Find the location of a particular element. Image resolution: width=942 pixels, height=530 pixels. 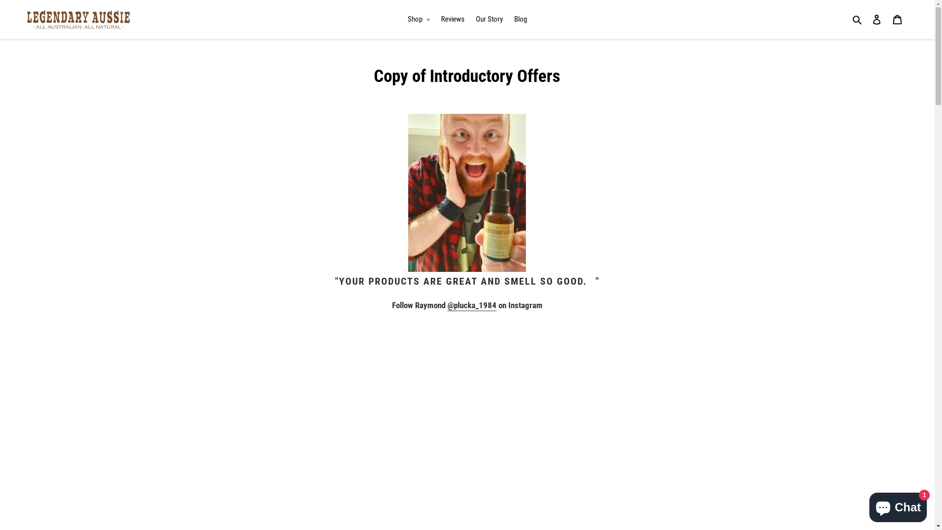

'Shopify online store chat' is located at coordinates (898, 505).